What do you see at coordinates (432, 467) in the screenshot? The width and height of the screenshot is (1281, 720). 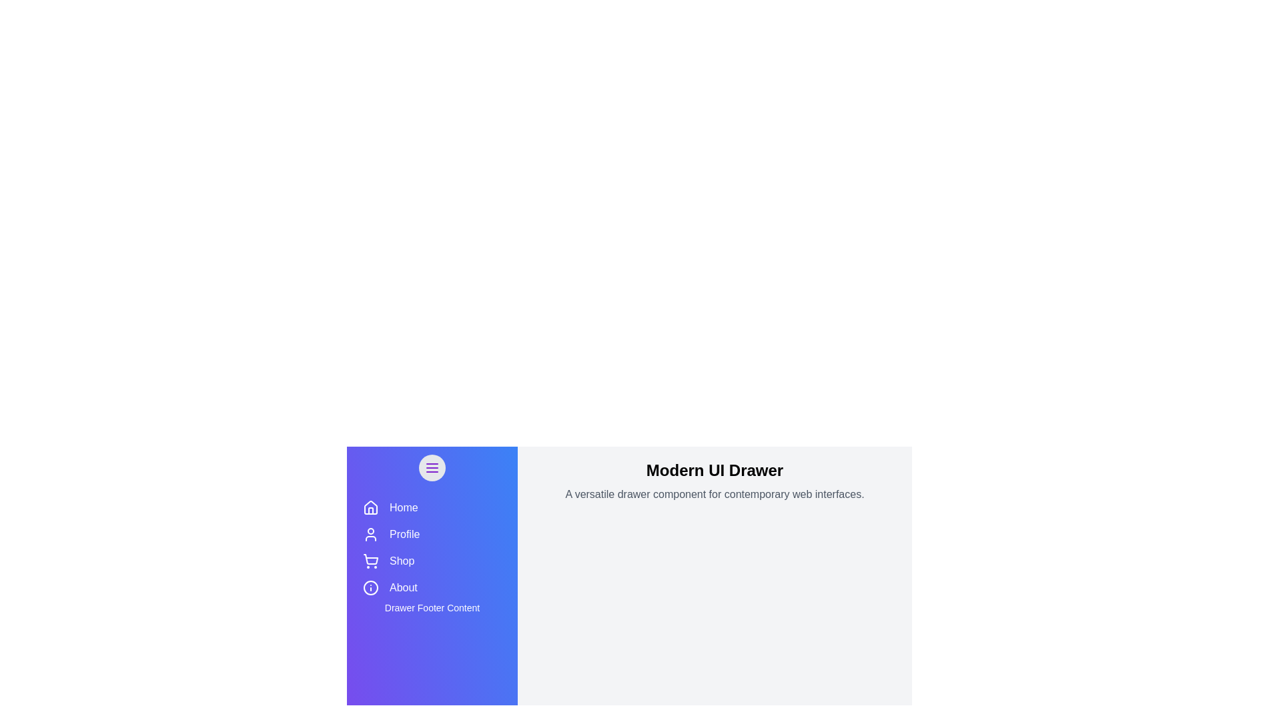 I see `menu button to toggle the drawer's open/close state` at bounding box center [432, 467].